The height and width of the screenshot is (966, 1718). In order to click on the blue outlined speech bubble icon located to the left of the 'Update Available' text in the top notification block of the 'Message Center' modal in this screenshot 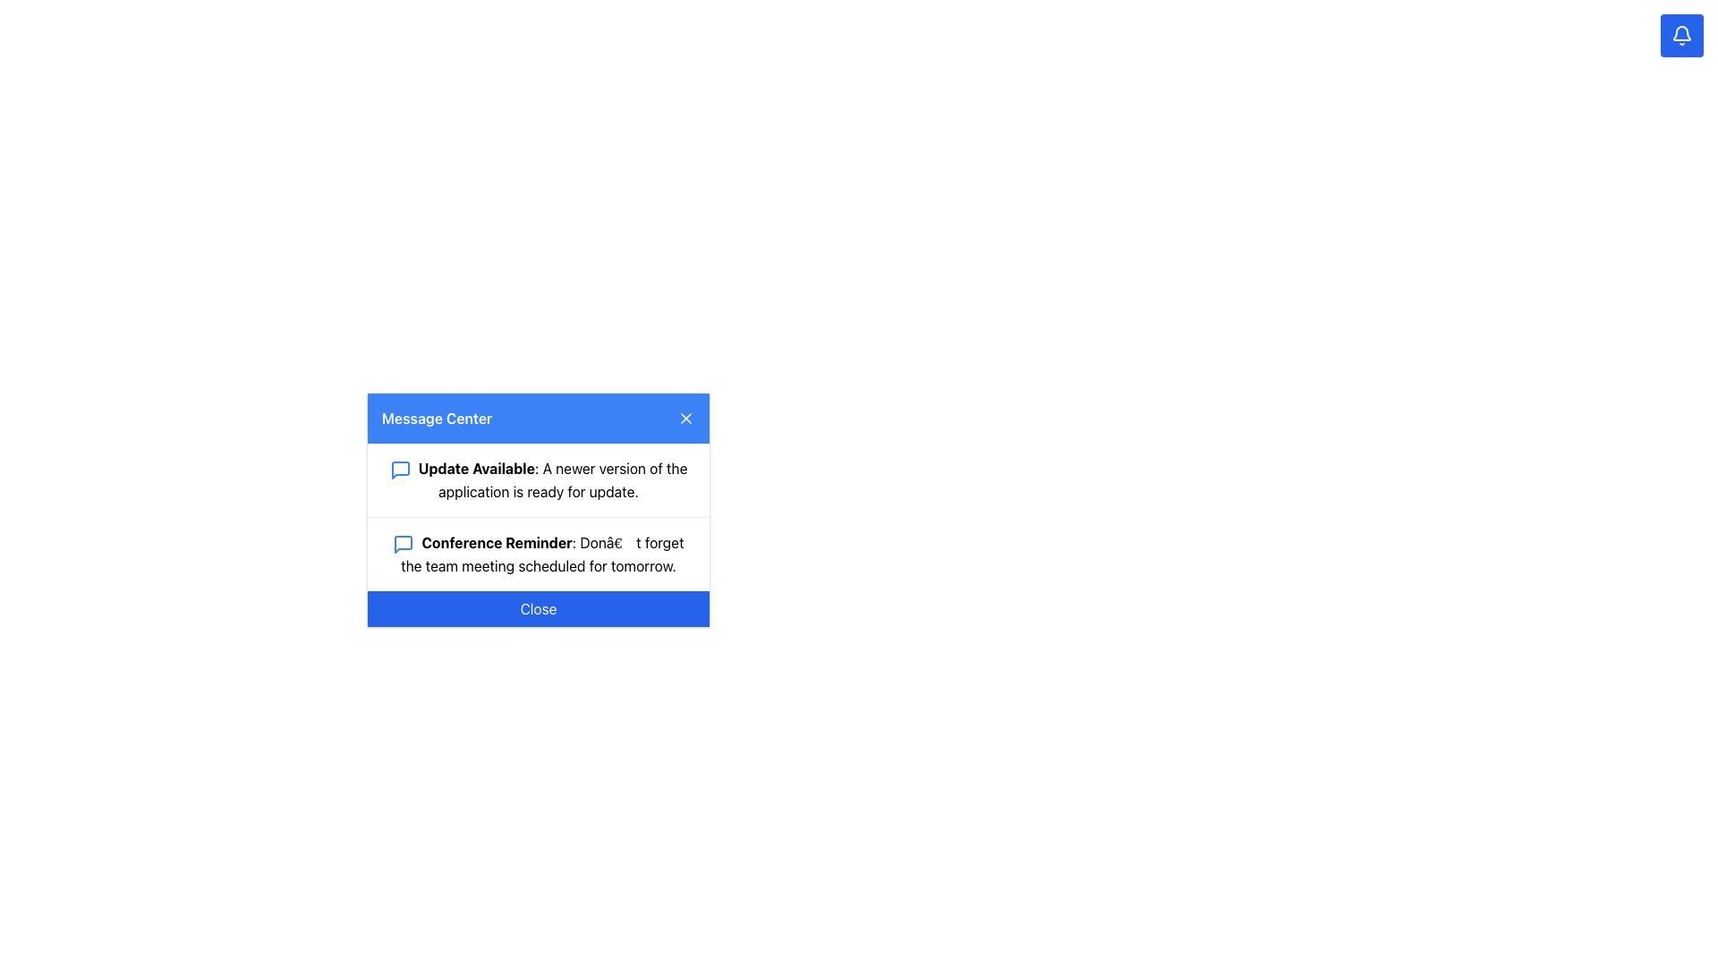, I will do `click(399, 469)`.